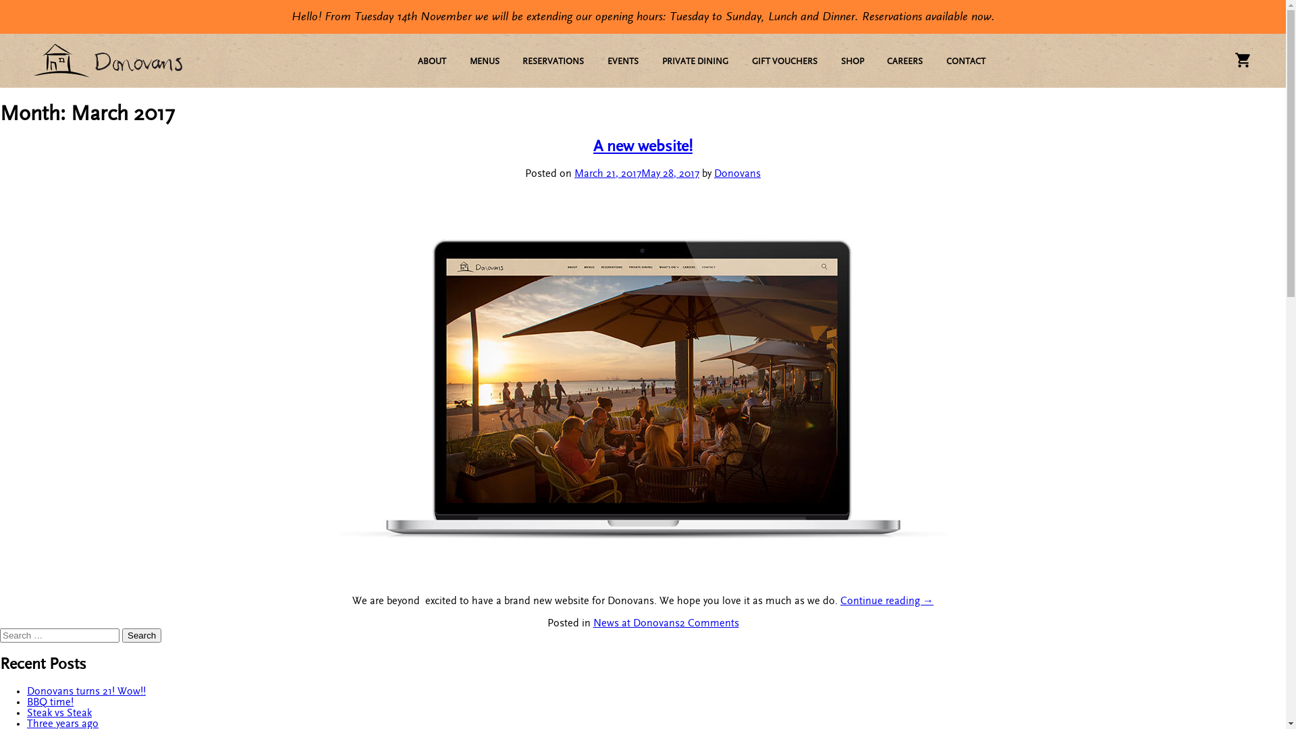 This screenshot has height=729, width=1296. I want to click on 'MENUS', so click(485, 61).